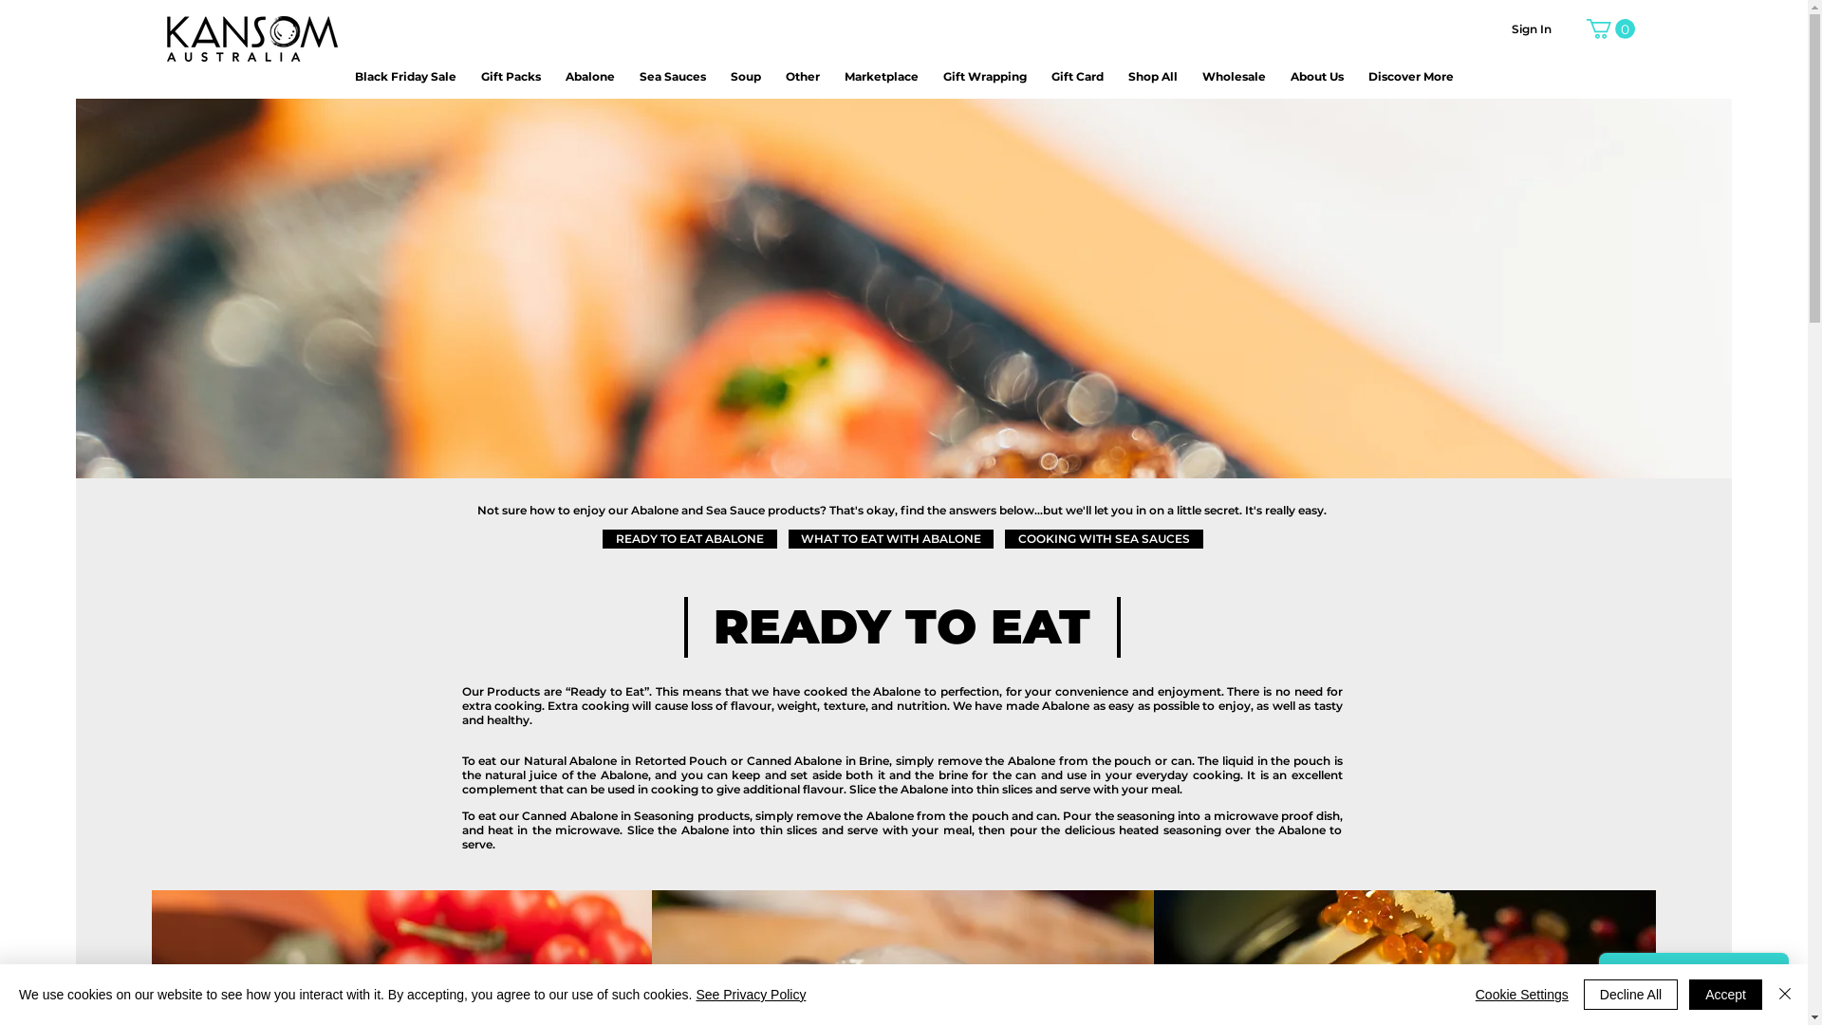  I want to click on 'Sea Sauces', so click(673, 75).